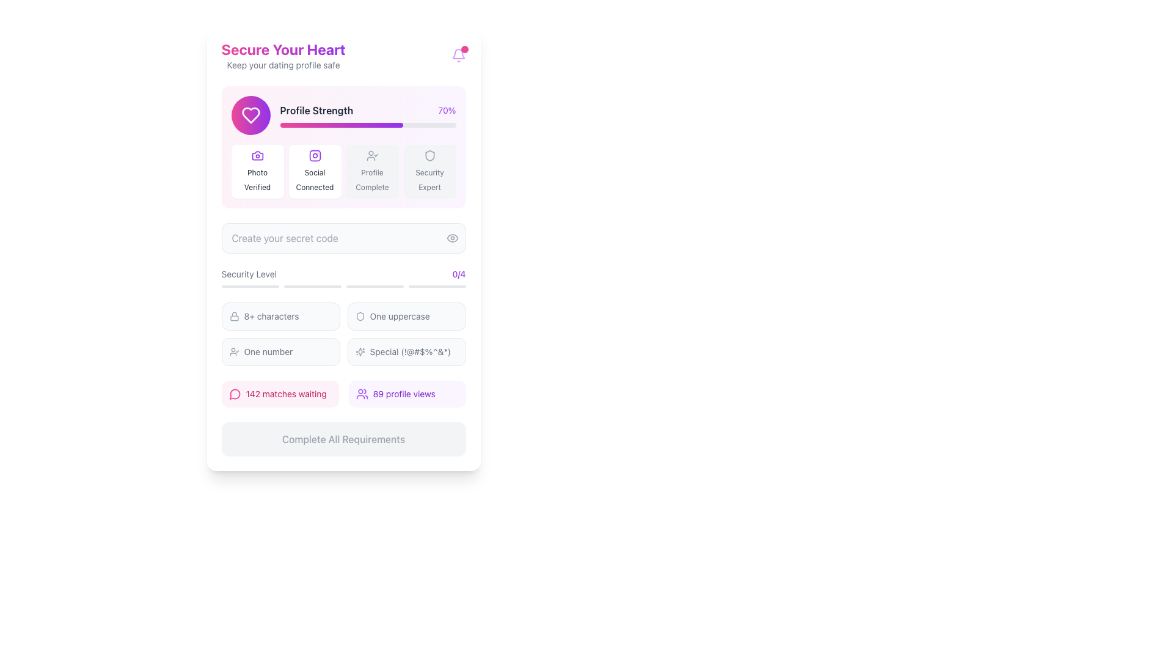 This screenshot has height=660, width=1173. What do you see at coordinates (250, 116) in the screenshot?
I see `the heart-shaped icon with a gradient from pink to purple, located near the top left corner of the interface, inside a circular pink background, adjacent to 'Profile Strength'` at bounding box center [250, 116].